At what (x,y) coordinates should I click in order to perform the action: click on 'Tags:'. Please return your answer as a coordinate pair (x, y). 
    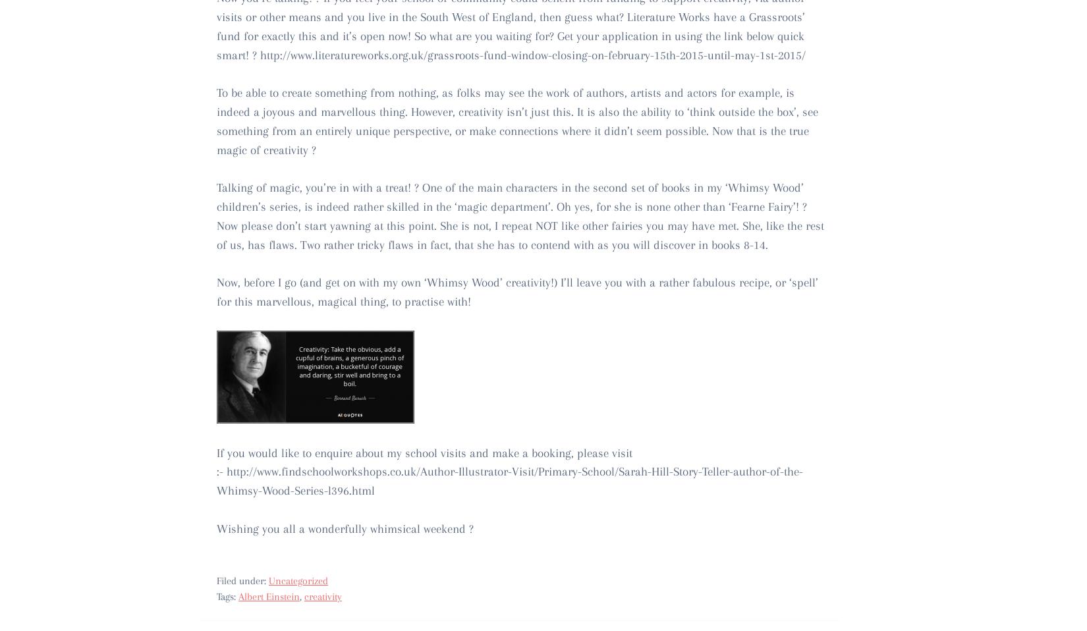
    Looking at the image, I should click on (217, 596).